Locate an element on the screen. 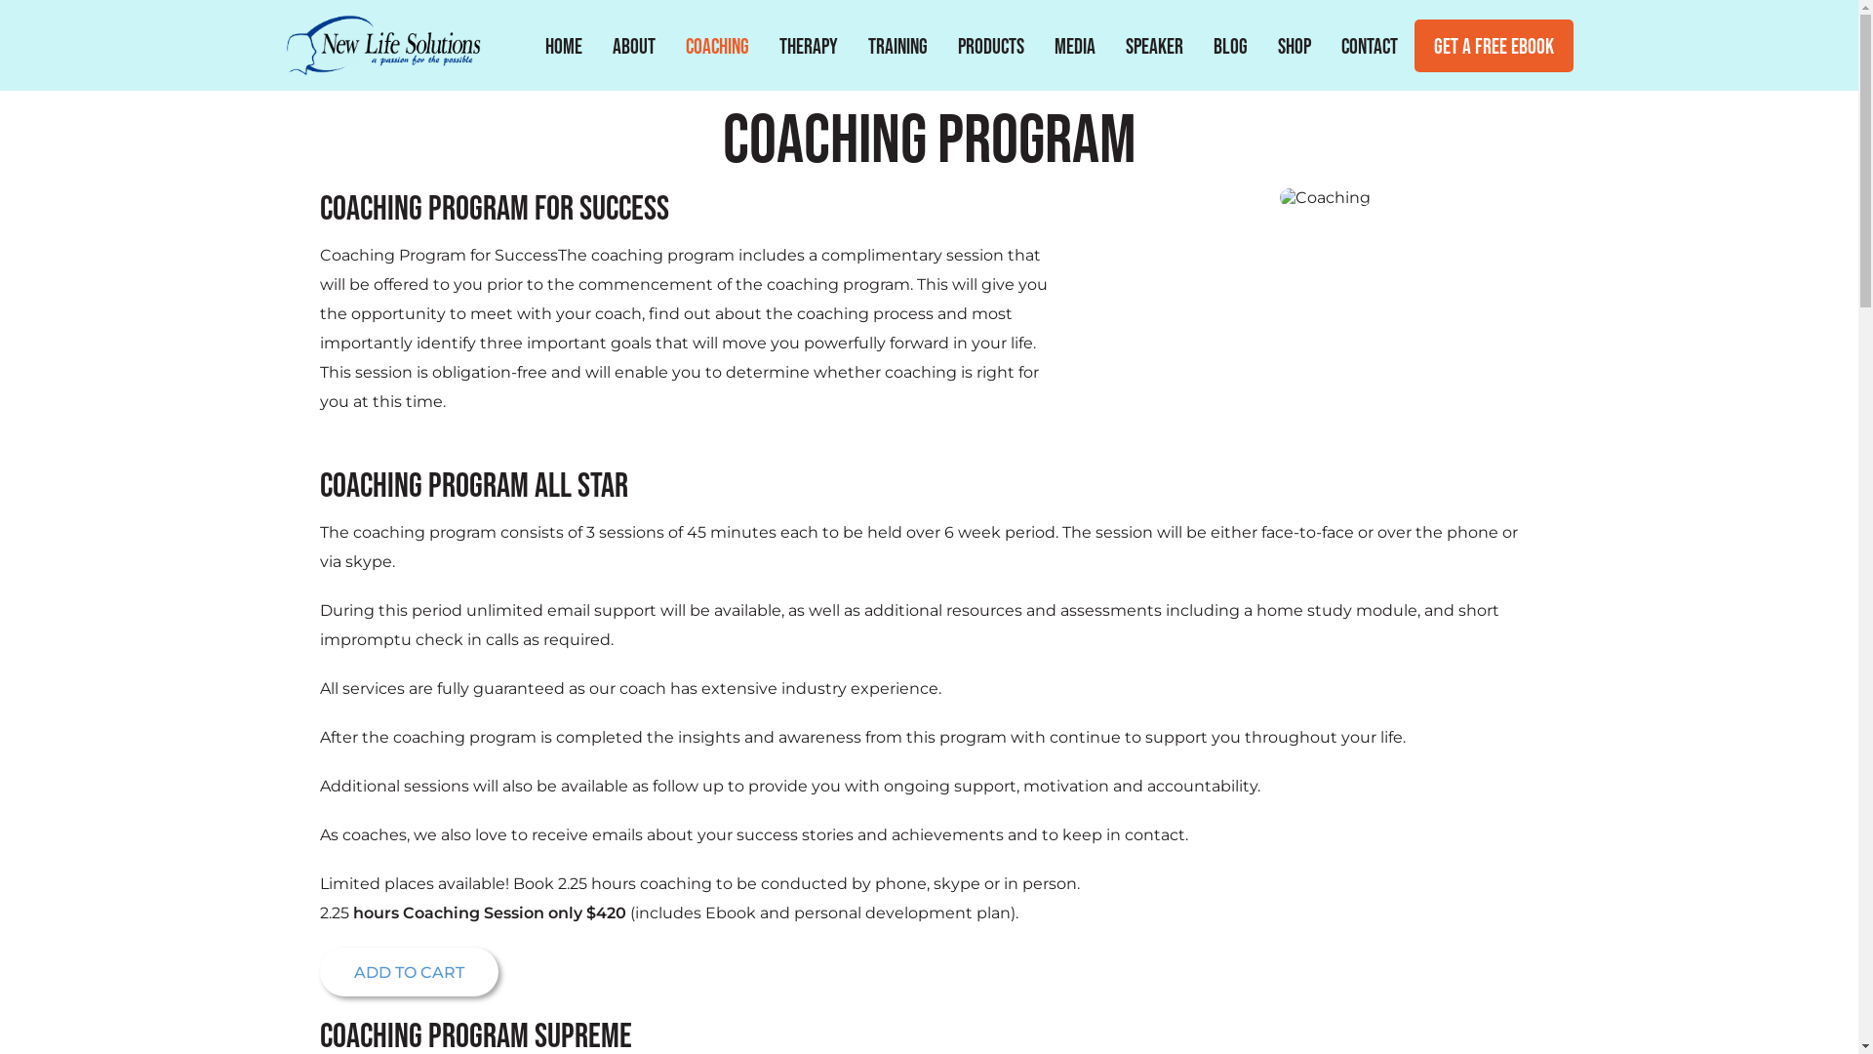 The height and width of the screenshot is (1054, 1873). 'SPEAKER' is located at coordinates (1153, 44).